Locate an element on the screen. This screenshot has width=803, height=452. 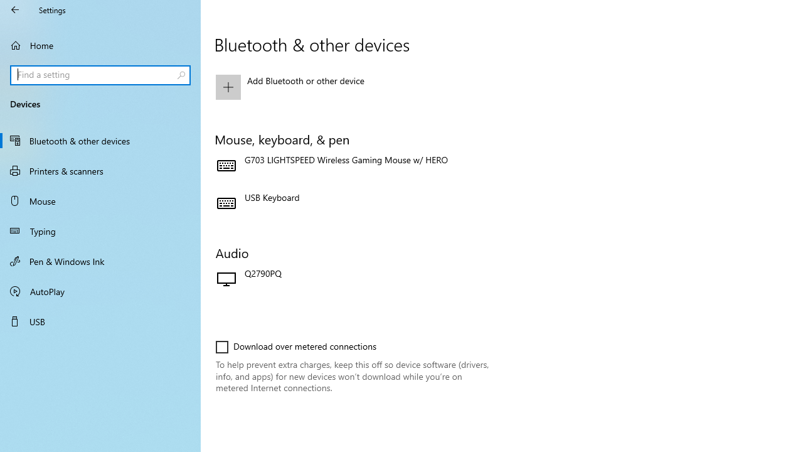
'Search box, Find a setting' is located at coordinates (100, 75).